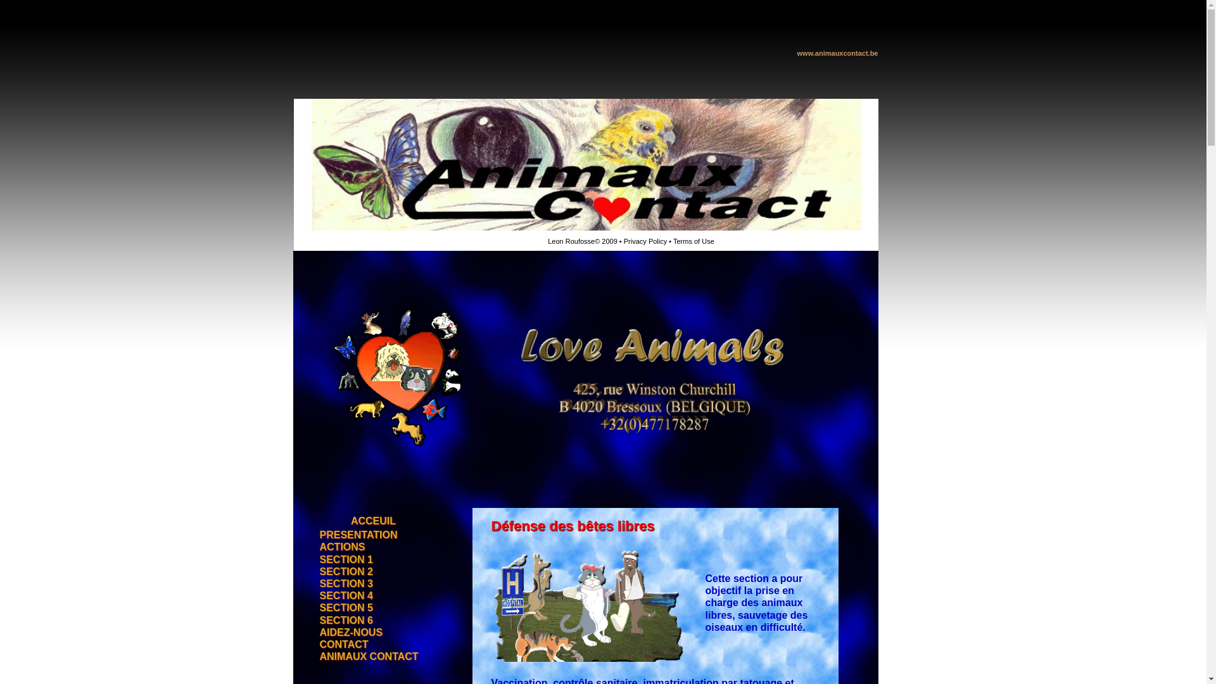 Image resolution: width=1216 pixels, height=684 pixels. I want to click on 'www.animauxcontact.be', so click(838, 52).